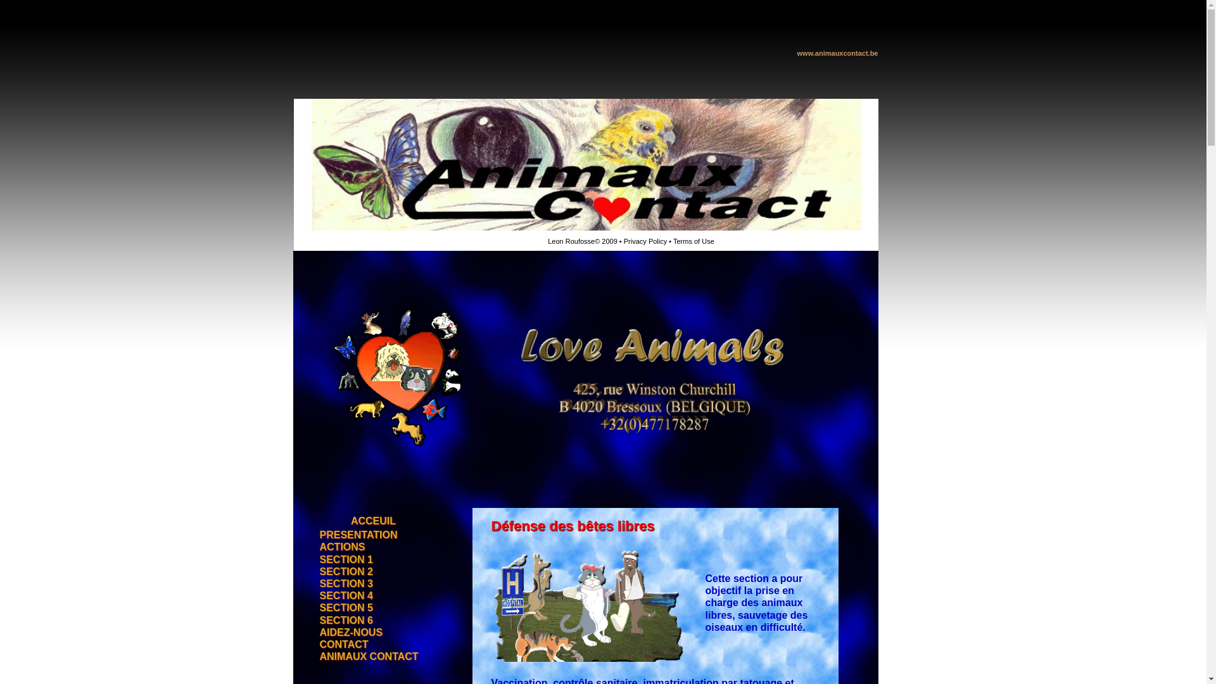 Image resolution: width=1216 pixels, height=684 pixels. I want to click on 'www.animauxcontact.be', so click(838, 52).